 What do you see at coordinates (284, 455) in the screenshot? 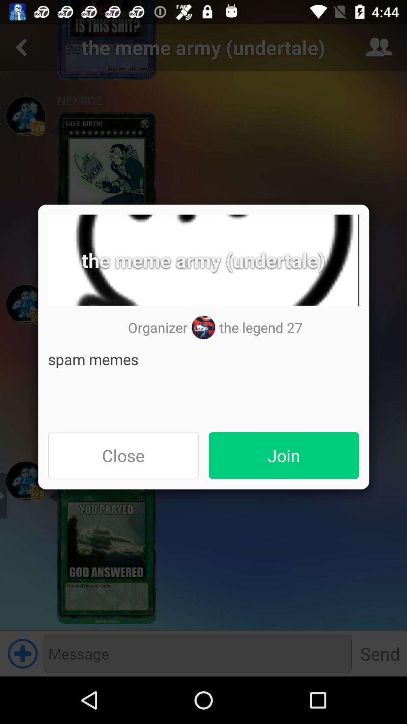
I see `item on the right` at bounding box center [284, 455].